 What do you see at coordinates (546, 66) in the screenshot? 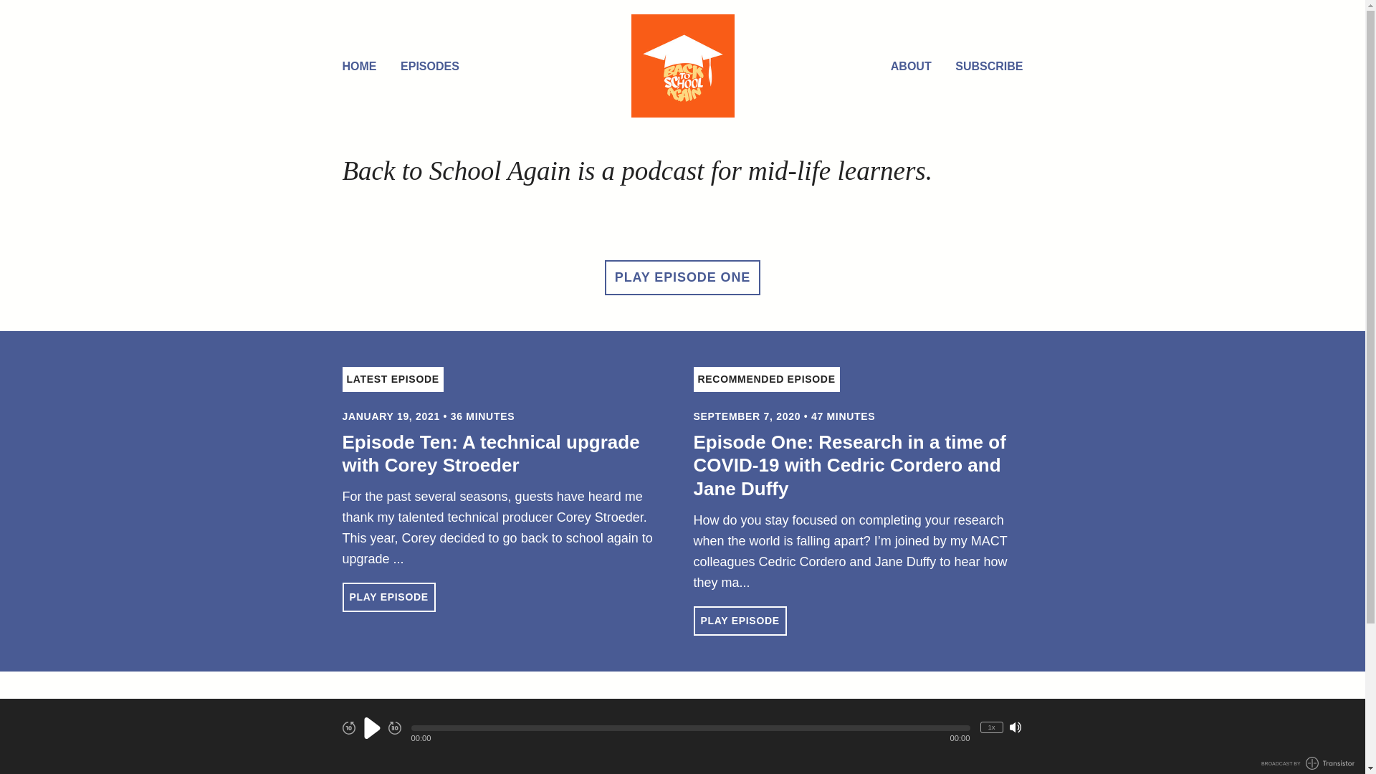
I see `'Home'` at bounding box center [546, 66].